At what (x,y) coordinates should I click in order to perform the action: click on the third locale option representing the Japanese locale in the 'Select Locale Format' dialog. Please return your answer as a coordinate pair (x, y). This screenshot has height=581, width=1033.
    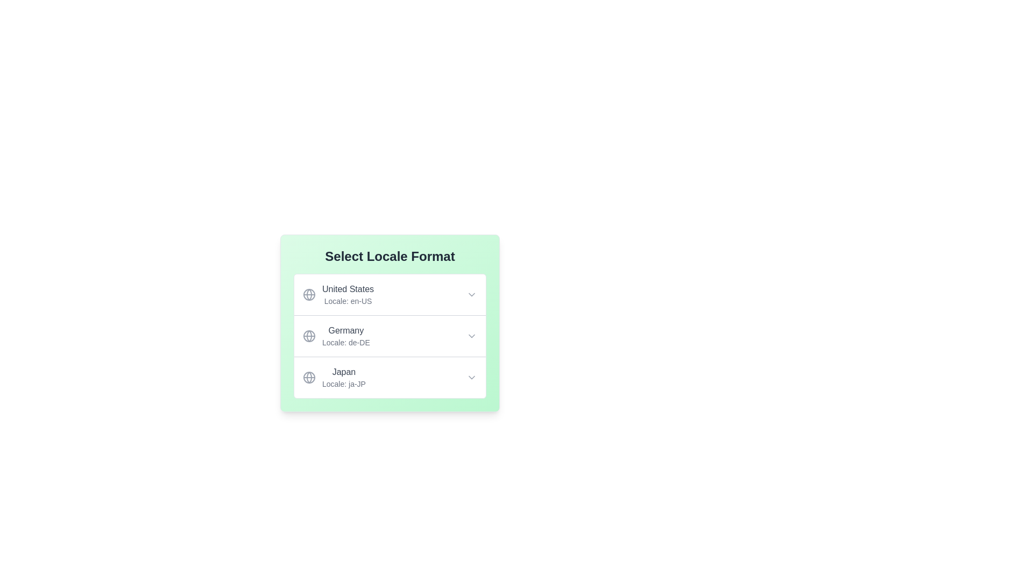
    Looking at the image, I should click on (334, 377).